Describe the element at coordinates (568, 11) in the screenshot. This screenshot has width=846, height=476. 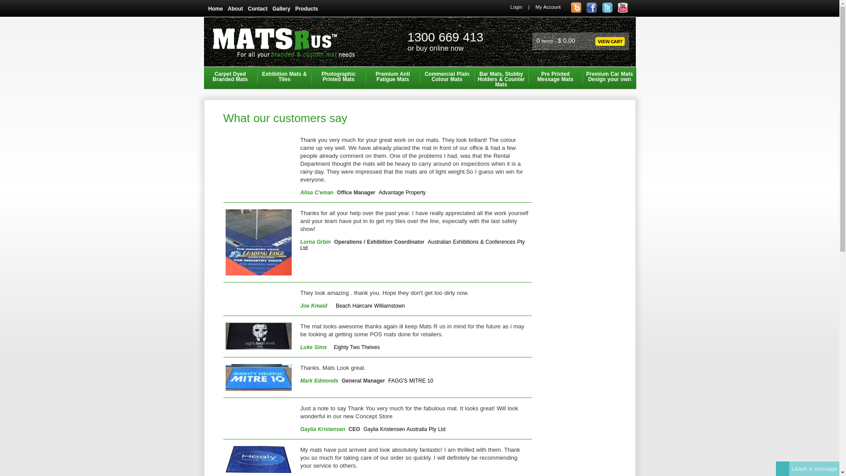
I see `'Blog'` at that location.